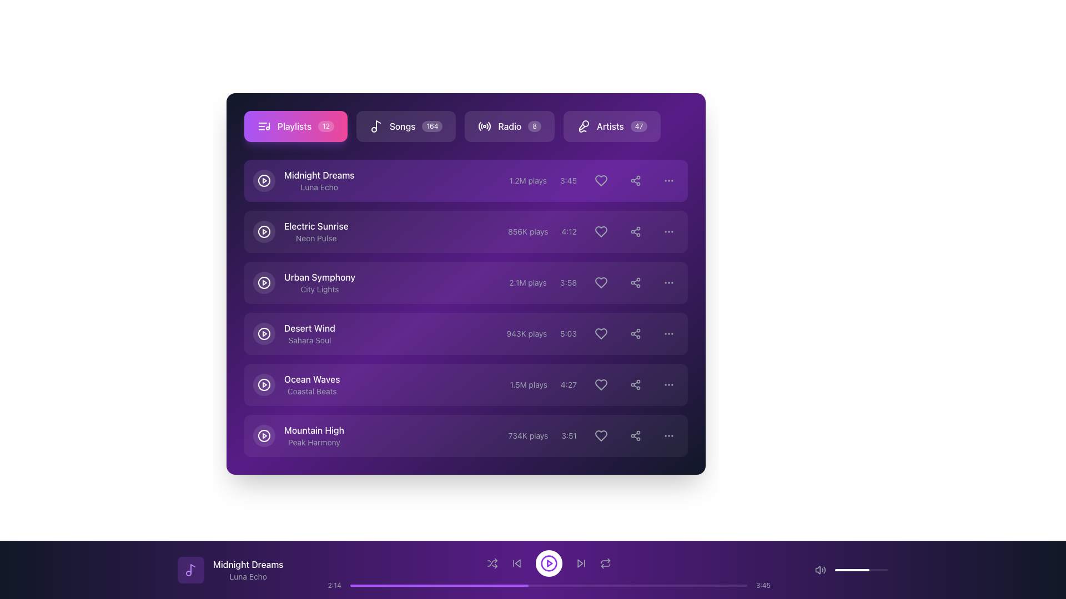 The image size is (1066, 599). What do you see at coordinates (636, 384) in the screenshot?
I see `the circular share button with three connected circles, located at the rightmost side of the fifth row, after the '1.5M plays', '4:27' labels, and heart icon` at bounding box center [636, 384].